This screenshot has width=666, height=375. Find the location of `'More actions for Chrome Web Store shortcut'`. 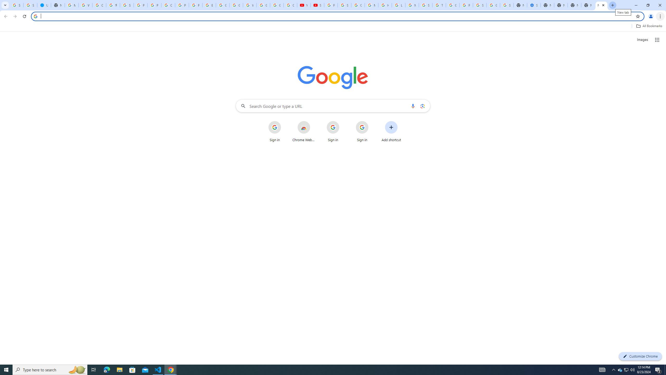

'More actions for Chrome Web Store shortcut' is located at coordinates (314, 122).